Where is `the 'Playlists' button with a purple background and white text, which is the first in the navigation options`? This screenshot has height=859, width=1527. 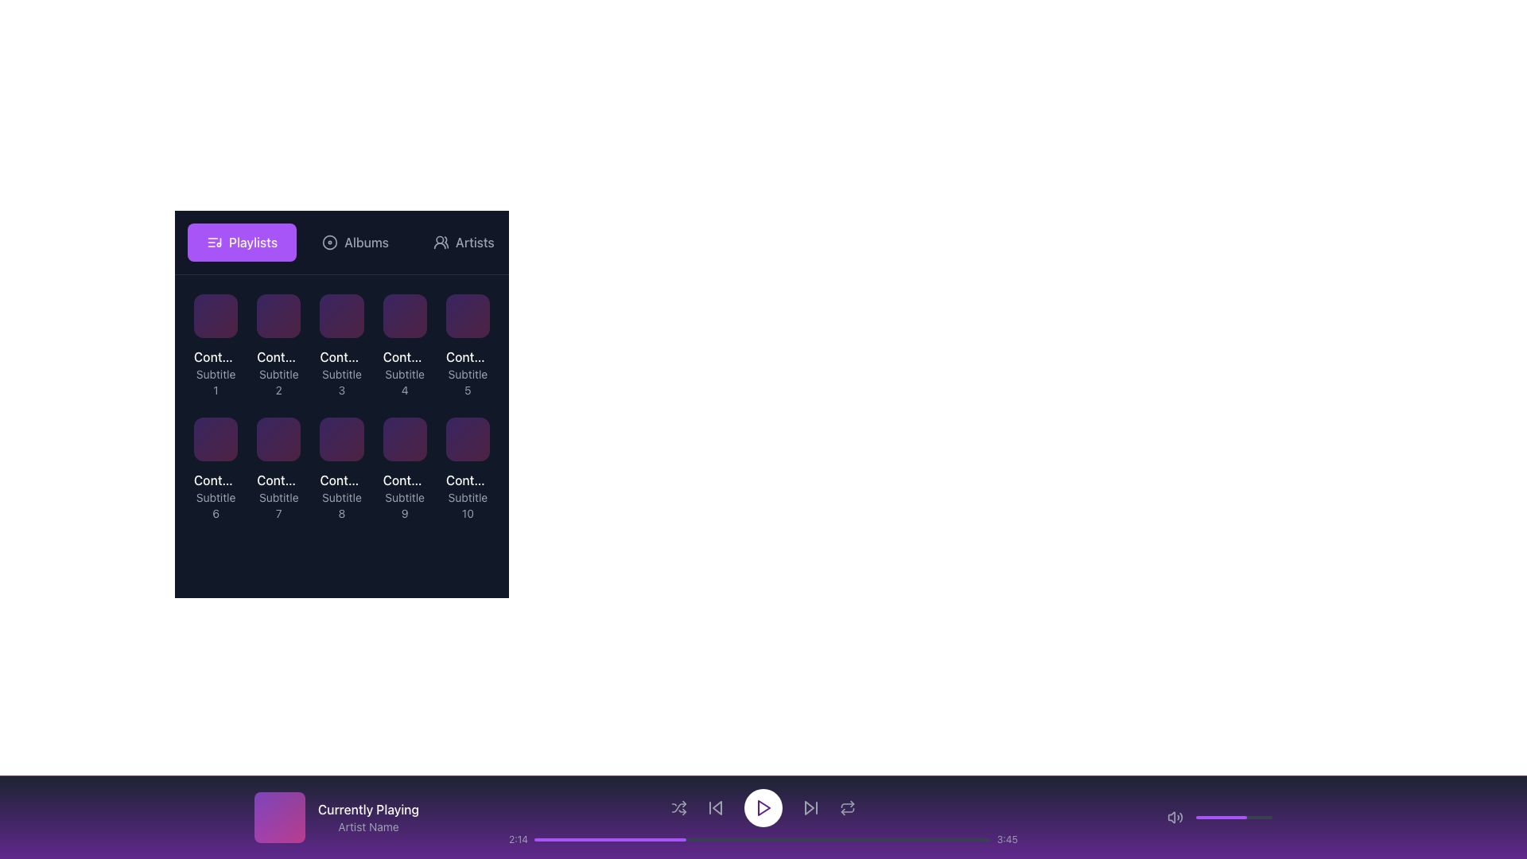 the 'Playlists' button with a purple background and white text, which is the first in the navigation options is located at coordinates (241, 242).